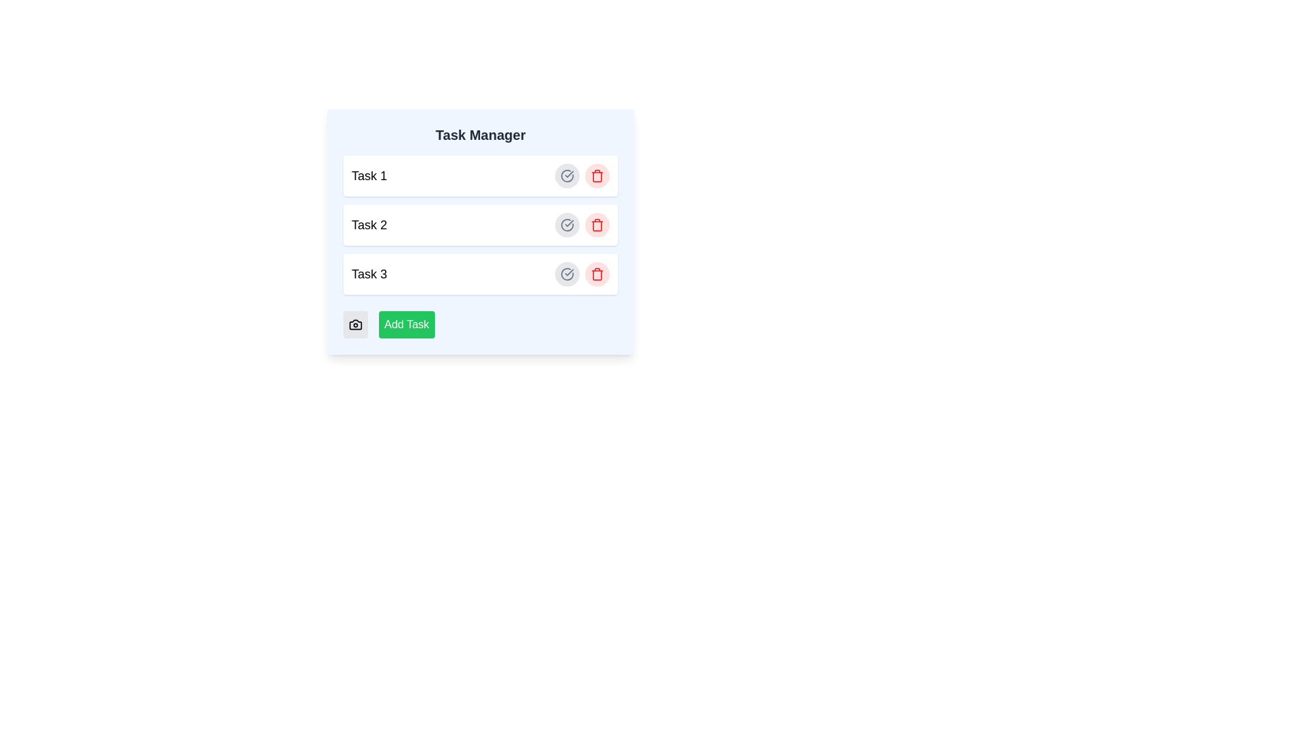  What do you see at coordinates (567, 225) in the screenshot?
I see `the completion toggle button for the second task item in the task manager interface, positioned to the left of the red trash icon and aligned with the 'Task 2' text field` at bounding box center [567, 225].